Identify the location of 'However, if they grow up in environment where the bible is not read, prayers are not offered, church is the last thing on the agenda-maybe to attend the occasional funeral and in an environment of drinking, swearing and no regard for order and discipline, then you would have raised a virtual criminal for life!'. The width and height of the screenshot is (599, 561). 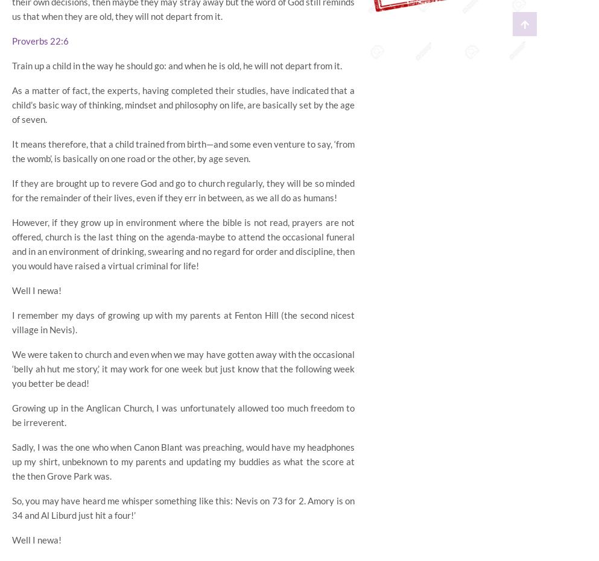
(183, 242).